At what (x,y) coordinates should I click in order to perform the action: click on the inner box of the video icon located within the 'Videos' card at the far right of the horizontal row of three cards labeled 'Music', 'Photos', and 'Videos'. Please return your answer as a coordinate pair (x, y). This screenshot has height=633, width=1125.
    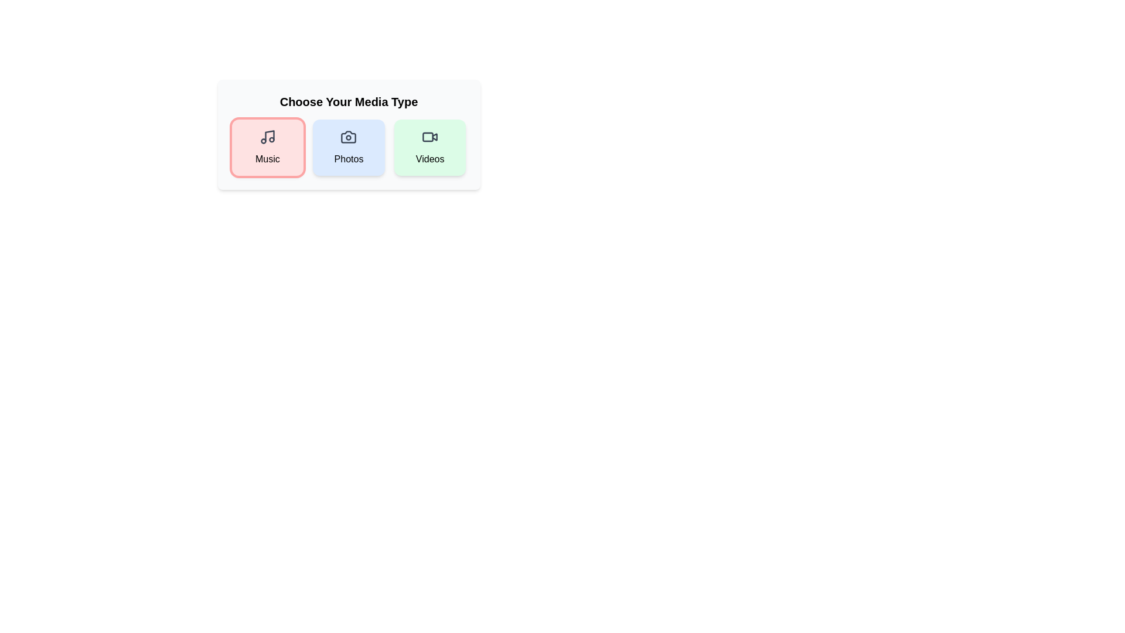
    Looking at the image, I should click on (427, 137).